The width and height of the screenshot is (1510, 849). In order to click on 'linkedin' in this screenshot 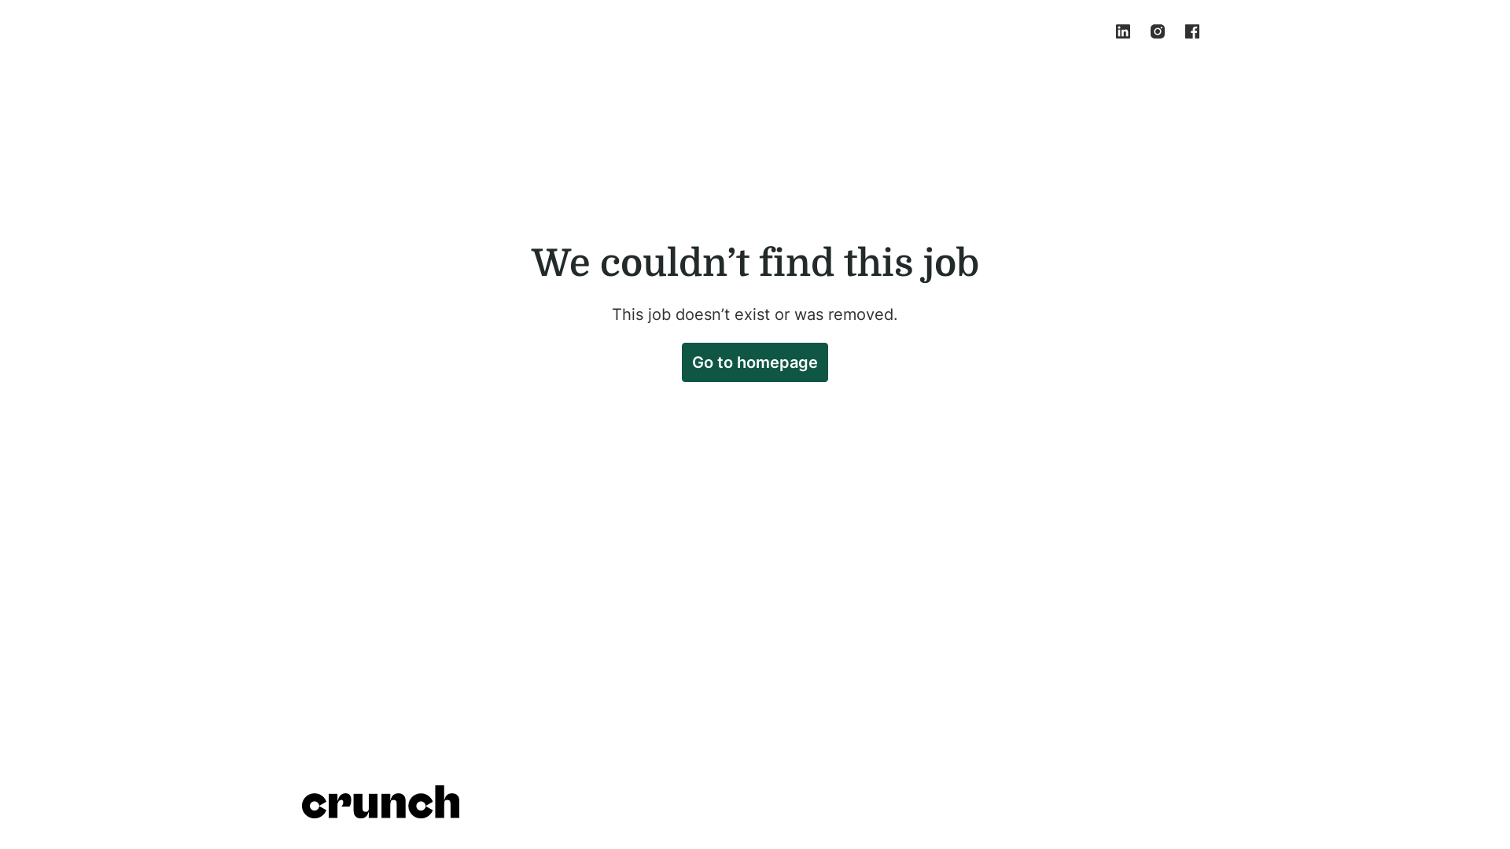, I will do `click(1106, 31)`.